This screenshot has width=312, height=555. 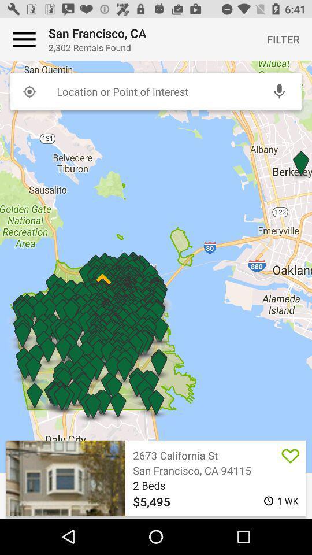 What do you see at coordinates (278, 91) in the screenshot?
I see `the microphone icon` at bounding box center [278, 91].